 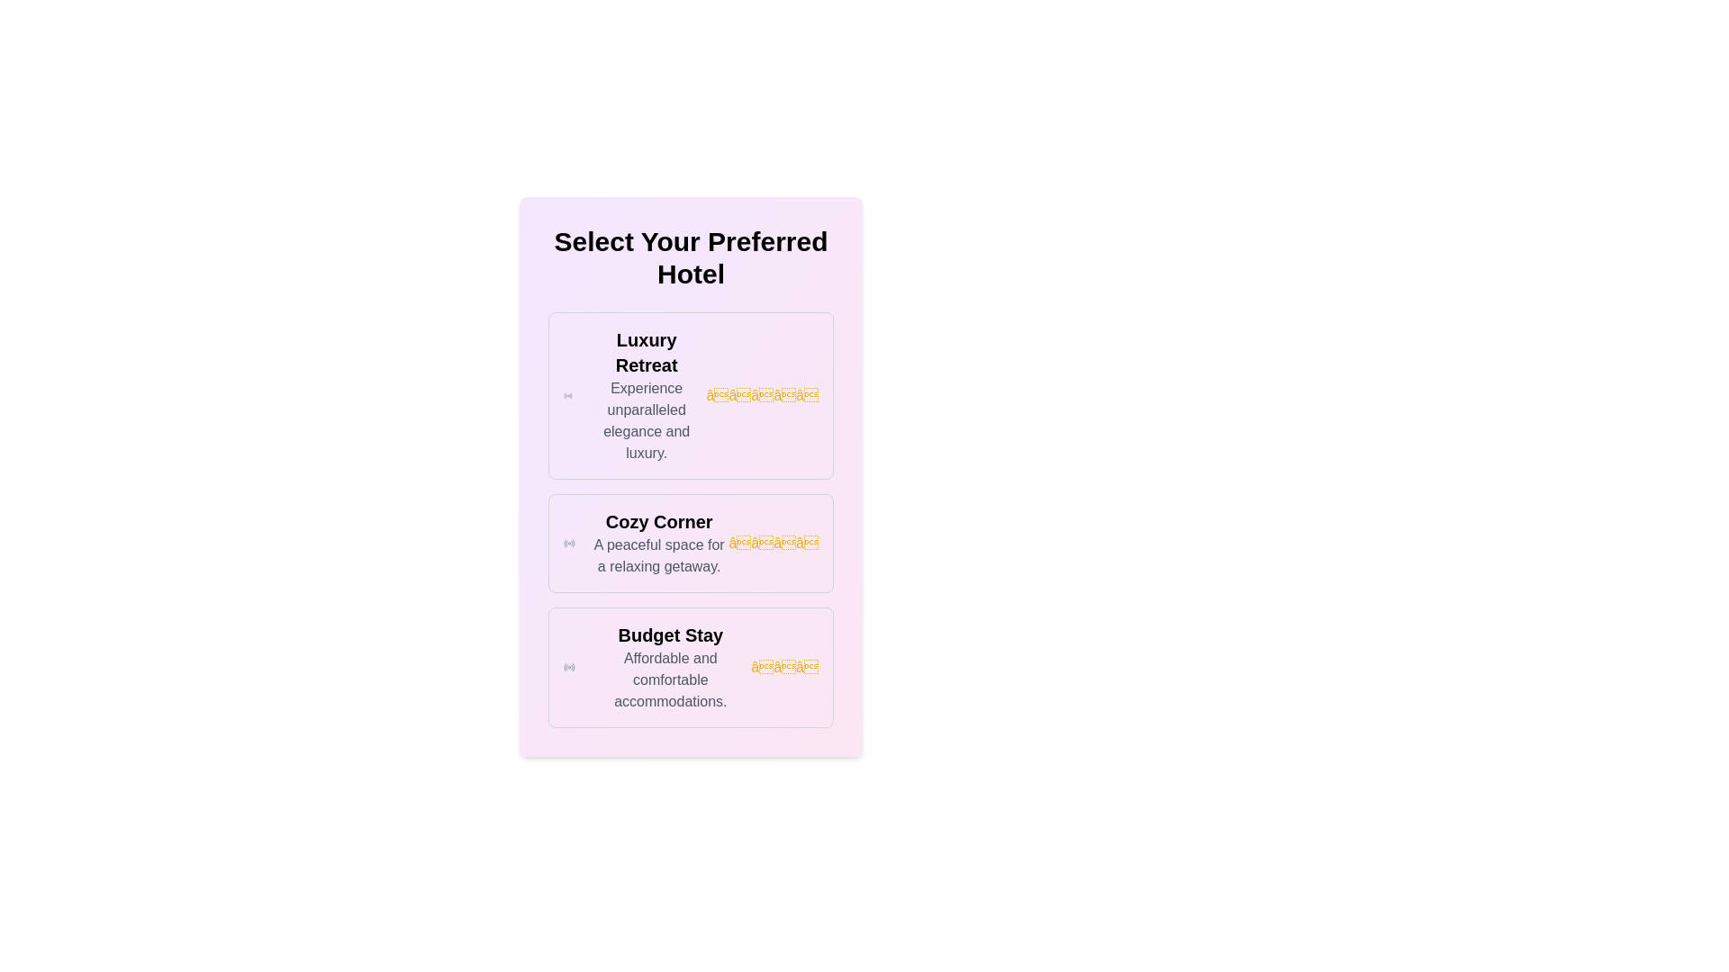 I want to click on the descriptive text block located below the 'Budget Stay' option, so click(x=669, y=680).